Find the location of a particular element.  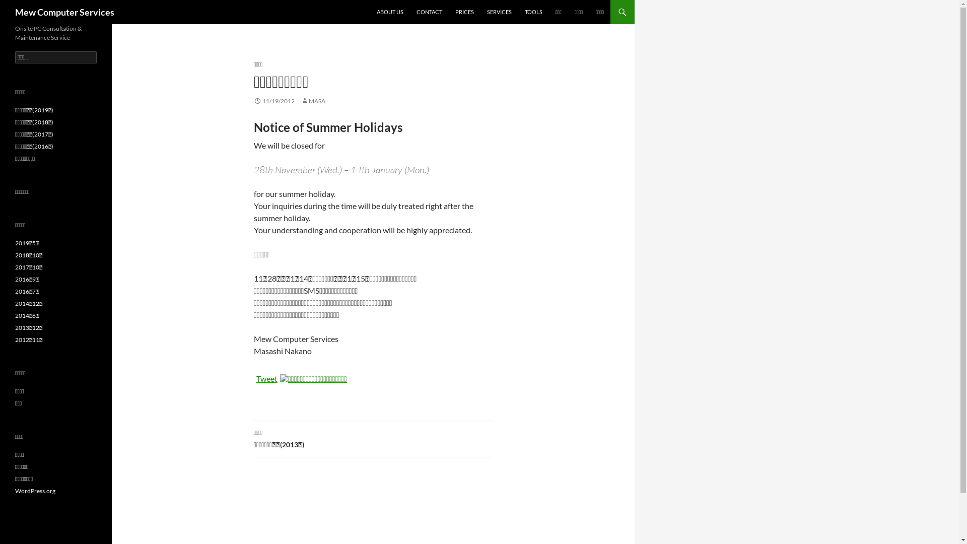

'Mew Computer Services' is located at coordinates (64, 12).